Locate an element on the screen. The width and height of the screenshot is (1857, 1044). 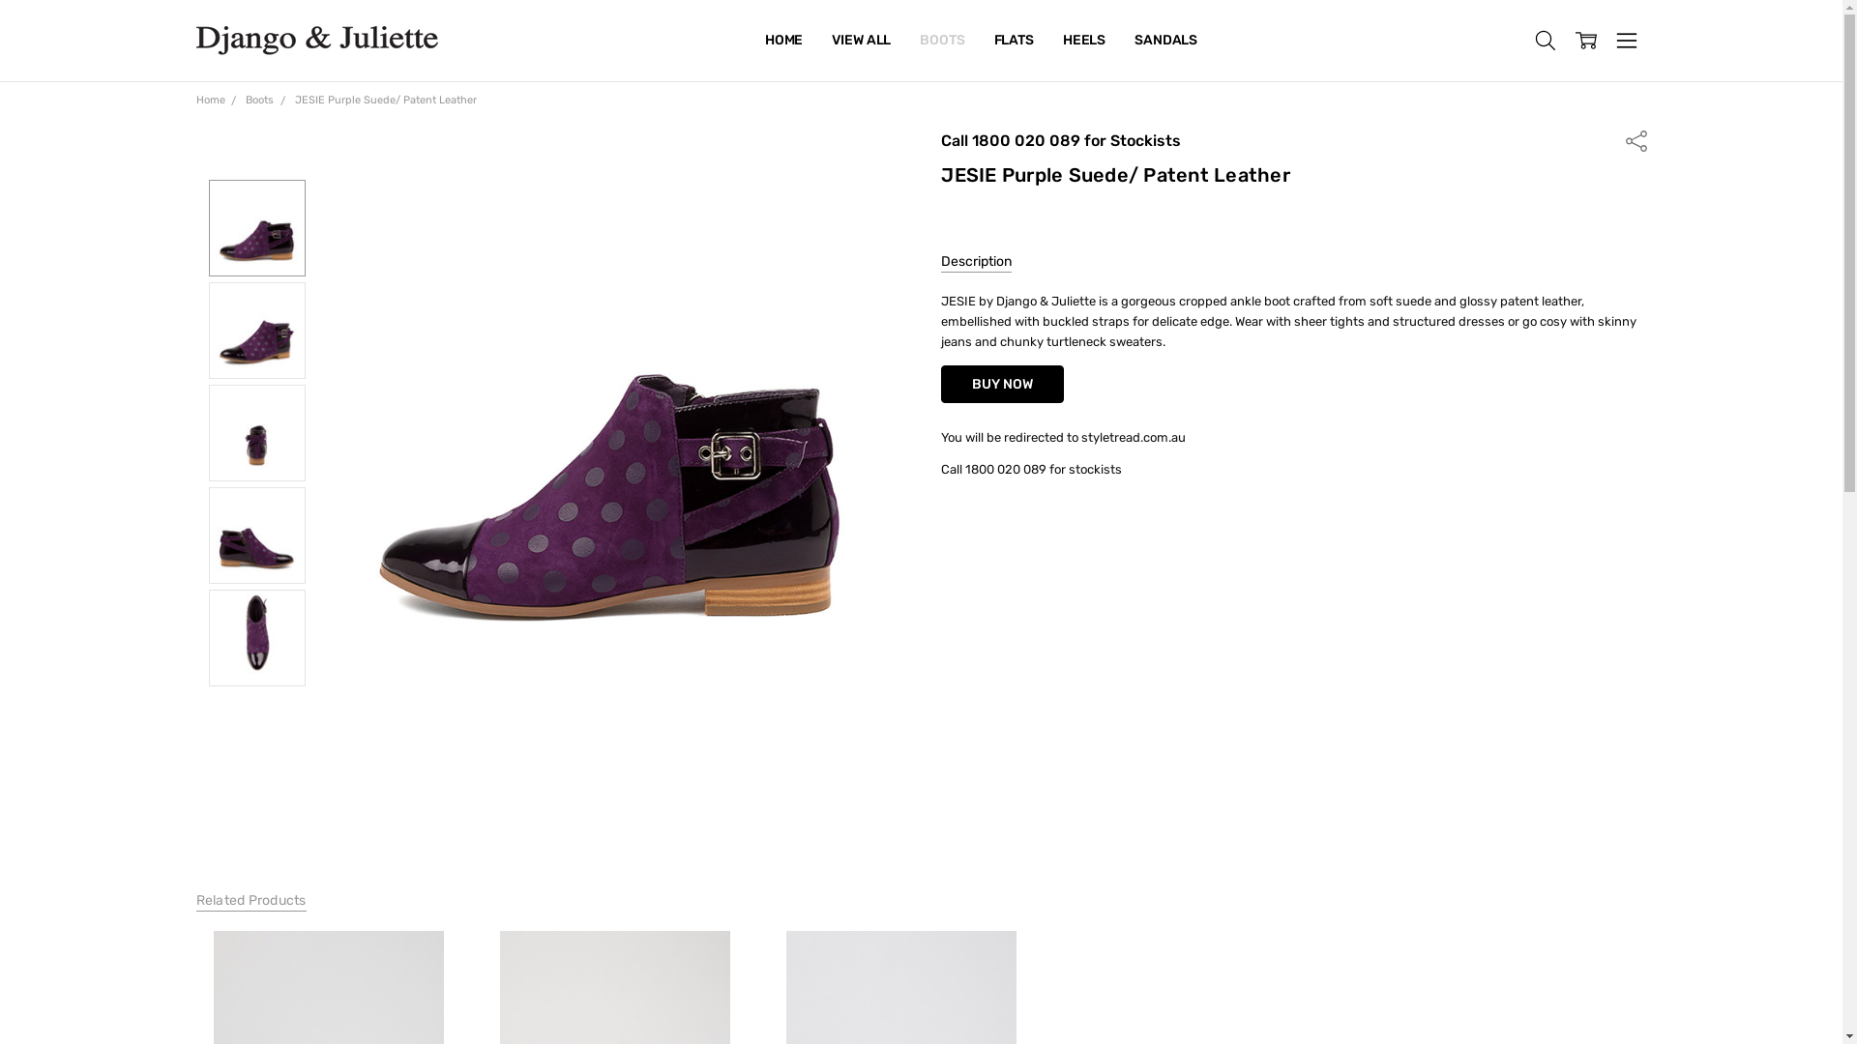
'JESIE Purple Suede/ Patent Leather' is located at coordinates (255, 536).